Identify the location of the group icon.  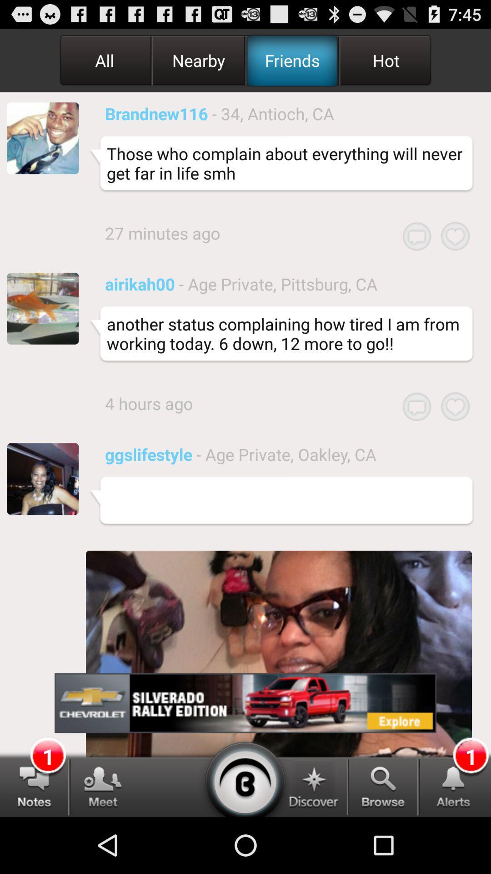
(104, 841).